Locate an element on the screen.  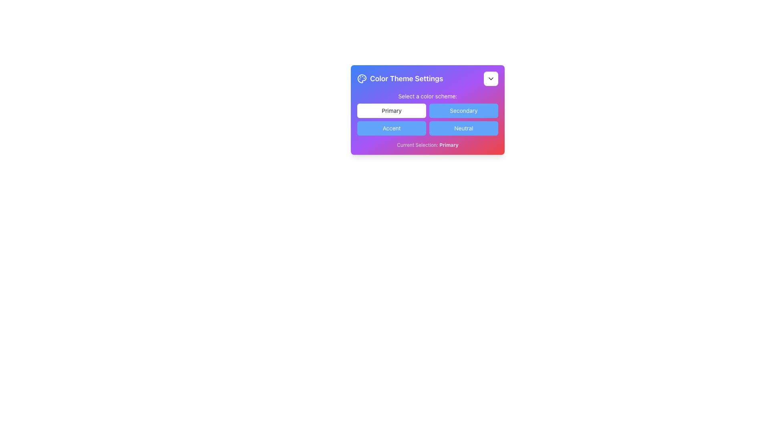
the top-left button labeled 'Primary' in the grid of color scheme buttons within the 'Color Theme Settings' modal is located at coordinates (427, 120).